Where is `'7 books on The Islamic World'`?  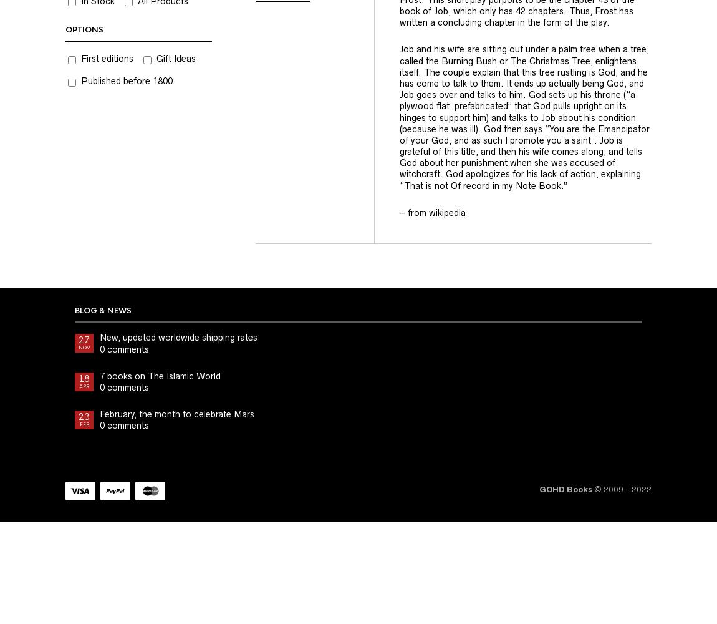 '7 books on The Islamic World' is located at coordinates (160, 375).